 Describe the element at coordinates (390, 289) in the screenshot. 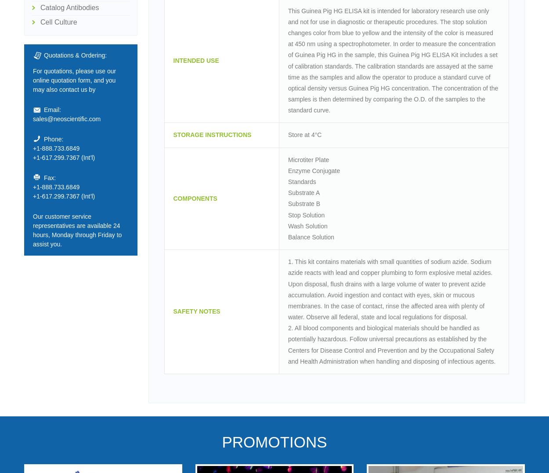

I see `'1. This kit contains materials with small quantities of sodium azide. Sodium azide reacts with lead and copper plumbing to form explosive metal azides. Upon disposal, flush drains with a large volume of water to prevent azide accumulation. Avoid ingestion and contact with eyes, skin or mucous membranes. In the case of contact, rinse the affected area with plenty of water. Observe all federal, state and local regulations for disposal.'` at that location.